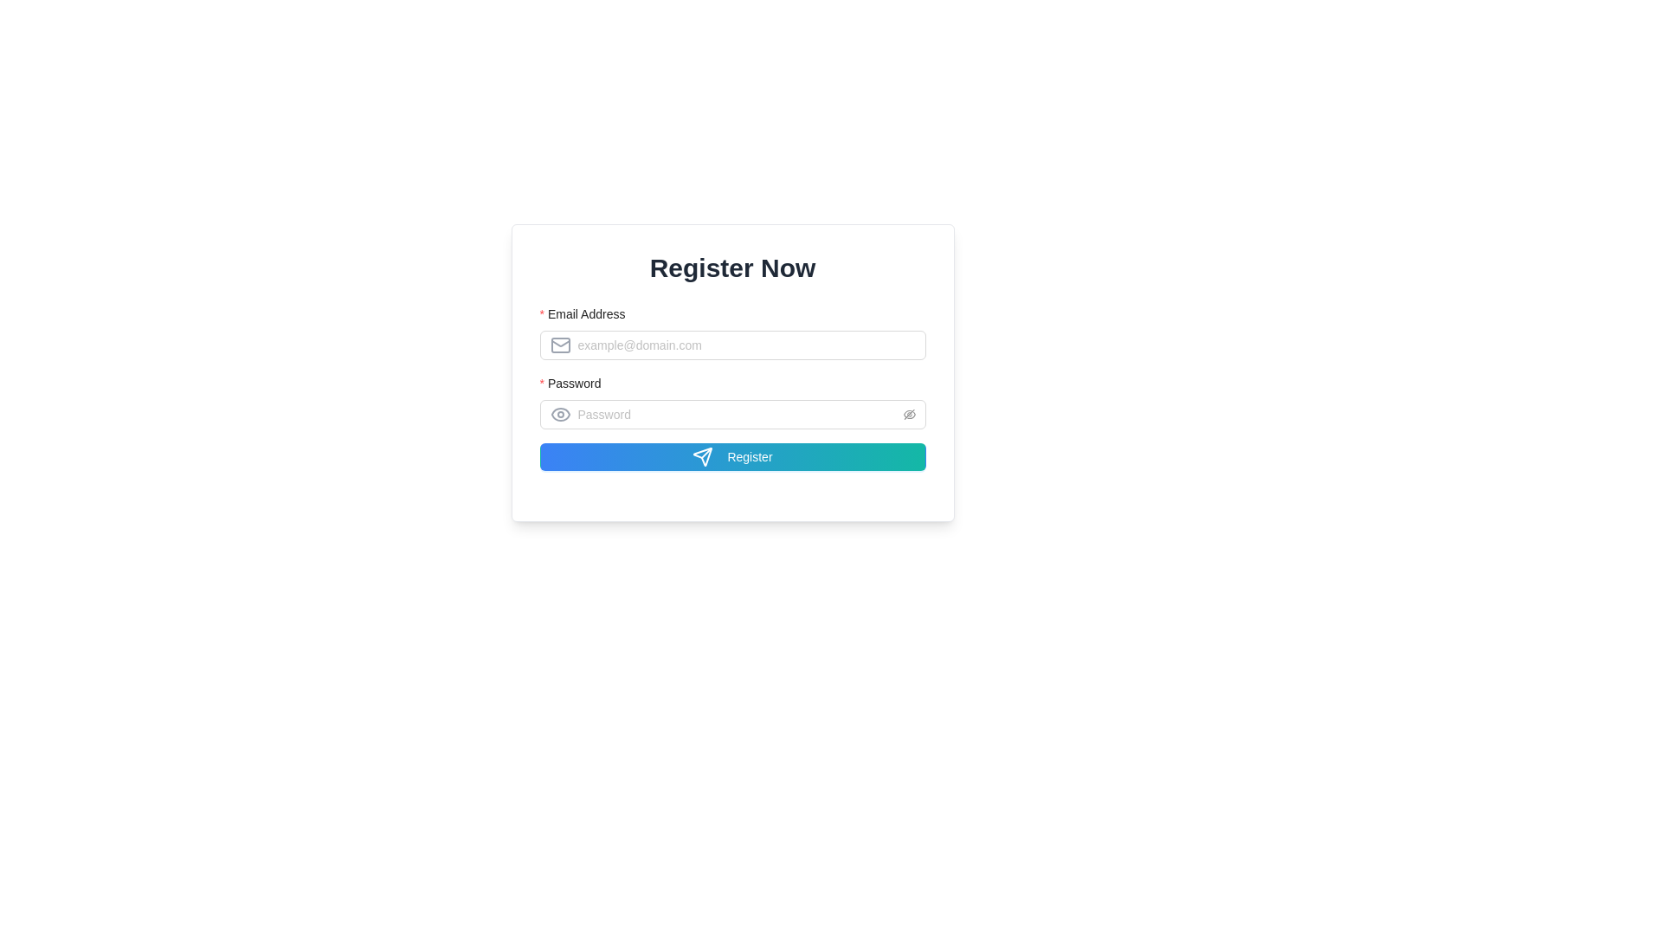  What do you see at coordinates (560, 345) in the screenshot?
I see `the envelope icon that represents the email field in the 'Register Now' form, which is located to the left of the email input field` at bounding box center [560, 345].